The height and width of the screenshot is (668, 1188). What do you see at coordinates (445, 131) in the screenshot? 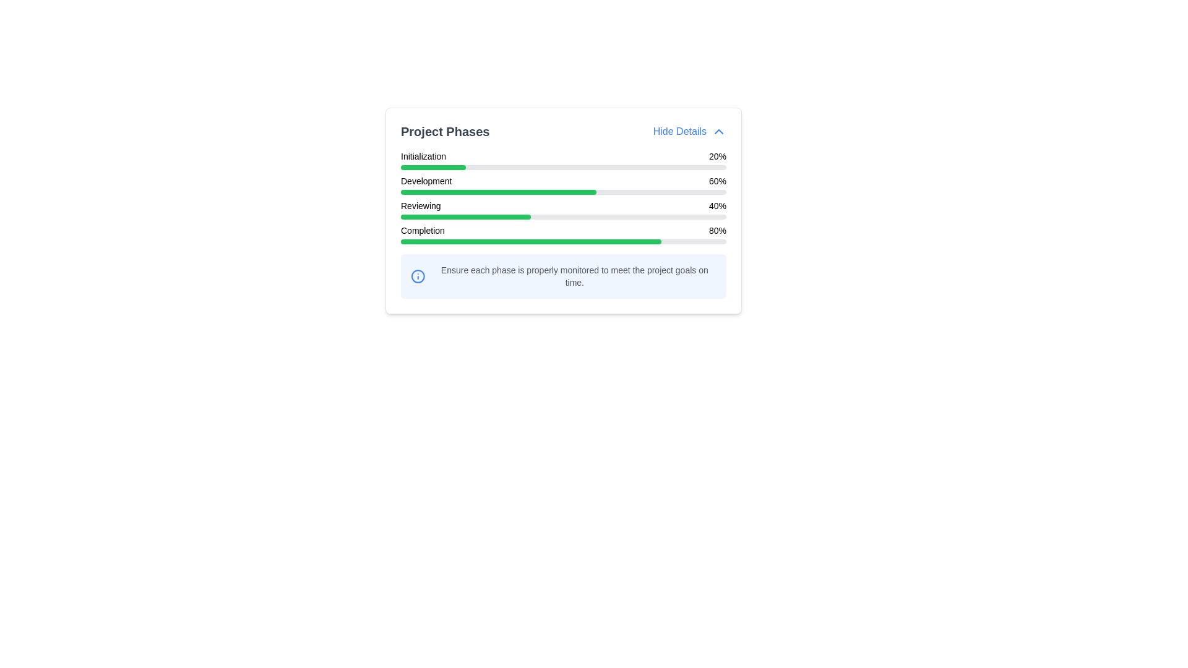
I see `the bold text element reading 'Project Phases', which serves as the heading for project phase data, positioned to the left of the 'Hide Details' link and chevron icon` at bounding box center [445, 131].